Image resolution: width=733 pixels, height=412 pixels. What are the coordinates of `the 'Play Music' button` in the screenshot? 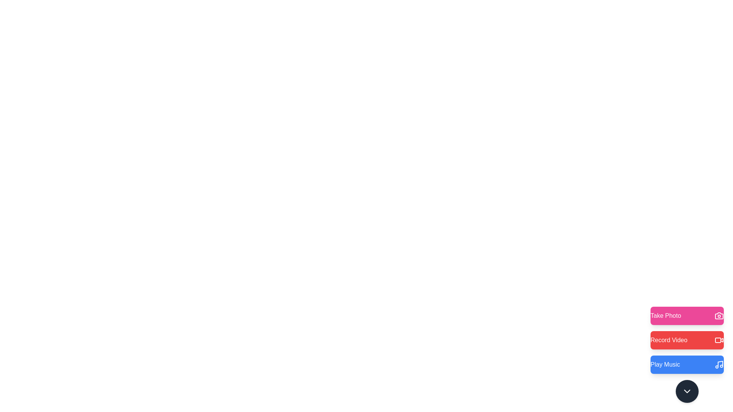 It's located at (687, 364).